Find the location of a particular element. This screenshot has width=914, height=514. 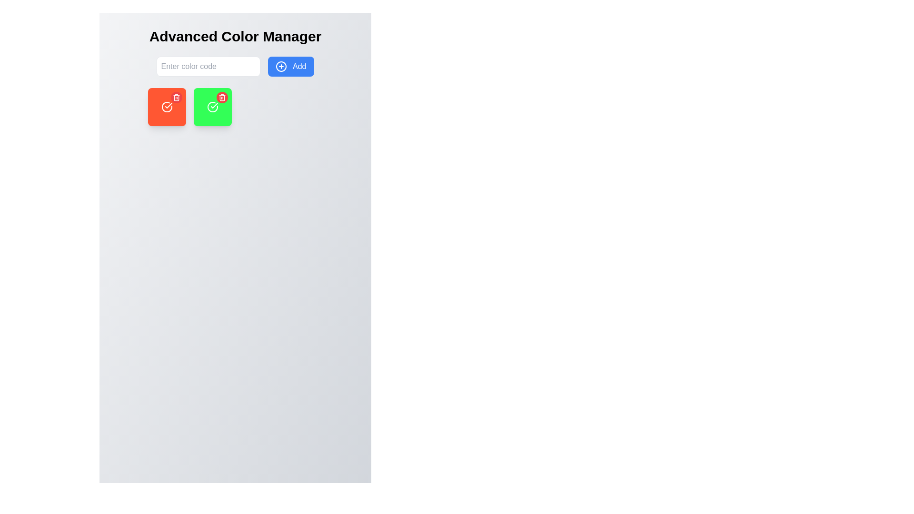

the checkmark icon within the circular icon component in the color management interface's second row to indicate a completed or successful status is located at coordinates (214, 106).